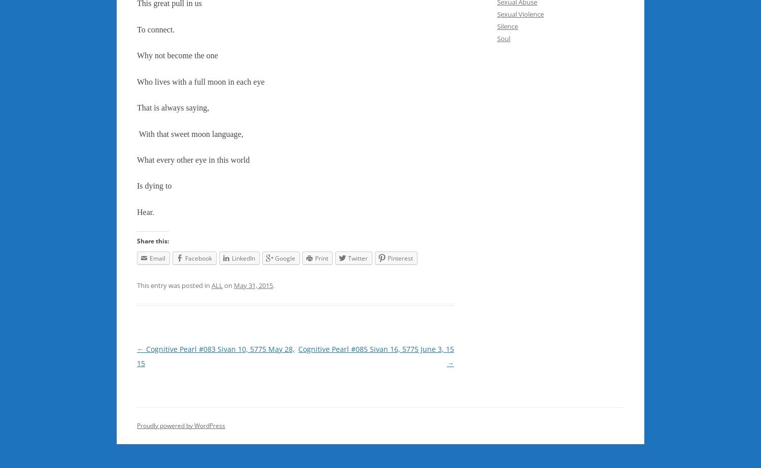 Image resolution: width=761 pixels, height=468 pixels. Describe the element at coordinates (285, 257) in the screenshot. I see `'Google'` at that location.